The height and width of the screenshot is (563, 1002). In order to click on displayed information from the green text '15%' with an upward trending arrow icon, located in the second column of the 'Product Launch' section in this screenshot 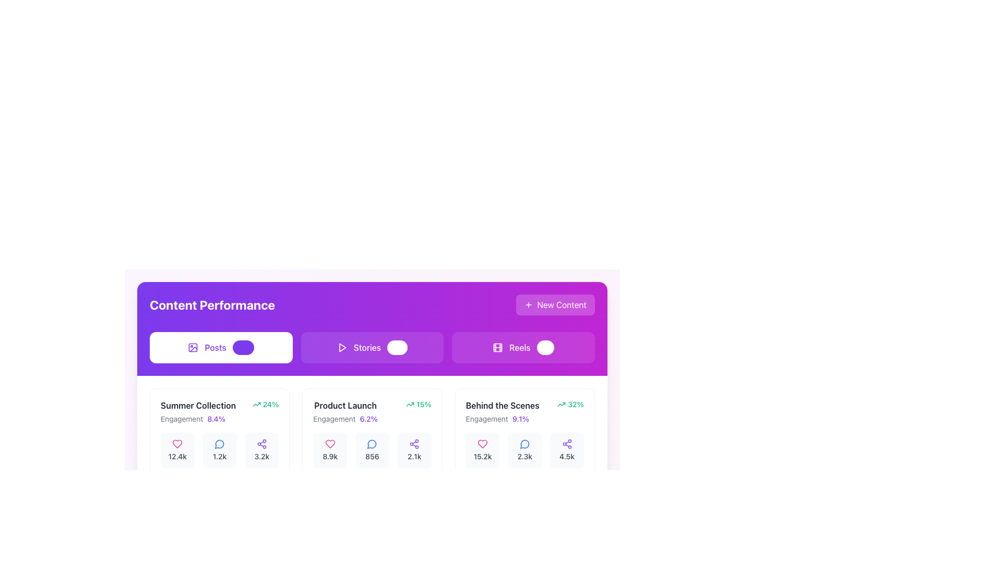, I will do `click(419, 403)`.